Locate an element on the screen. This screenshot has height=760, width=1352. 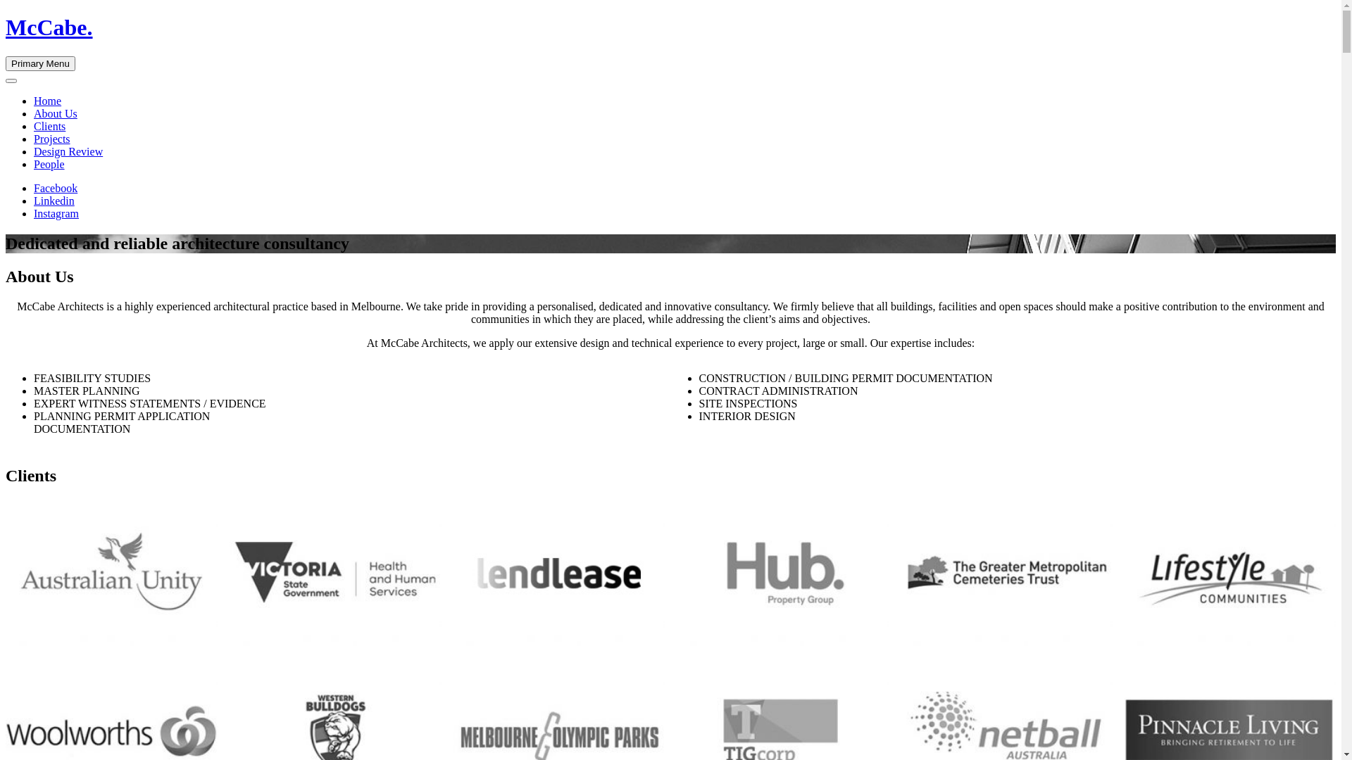
'Facebook' is located at coordinates (55, 187).